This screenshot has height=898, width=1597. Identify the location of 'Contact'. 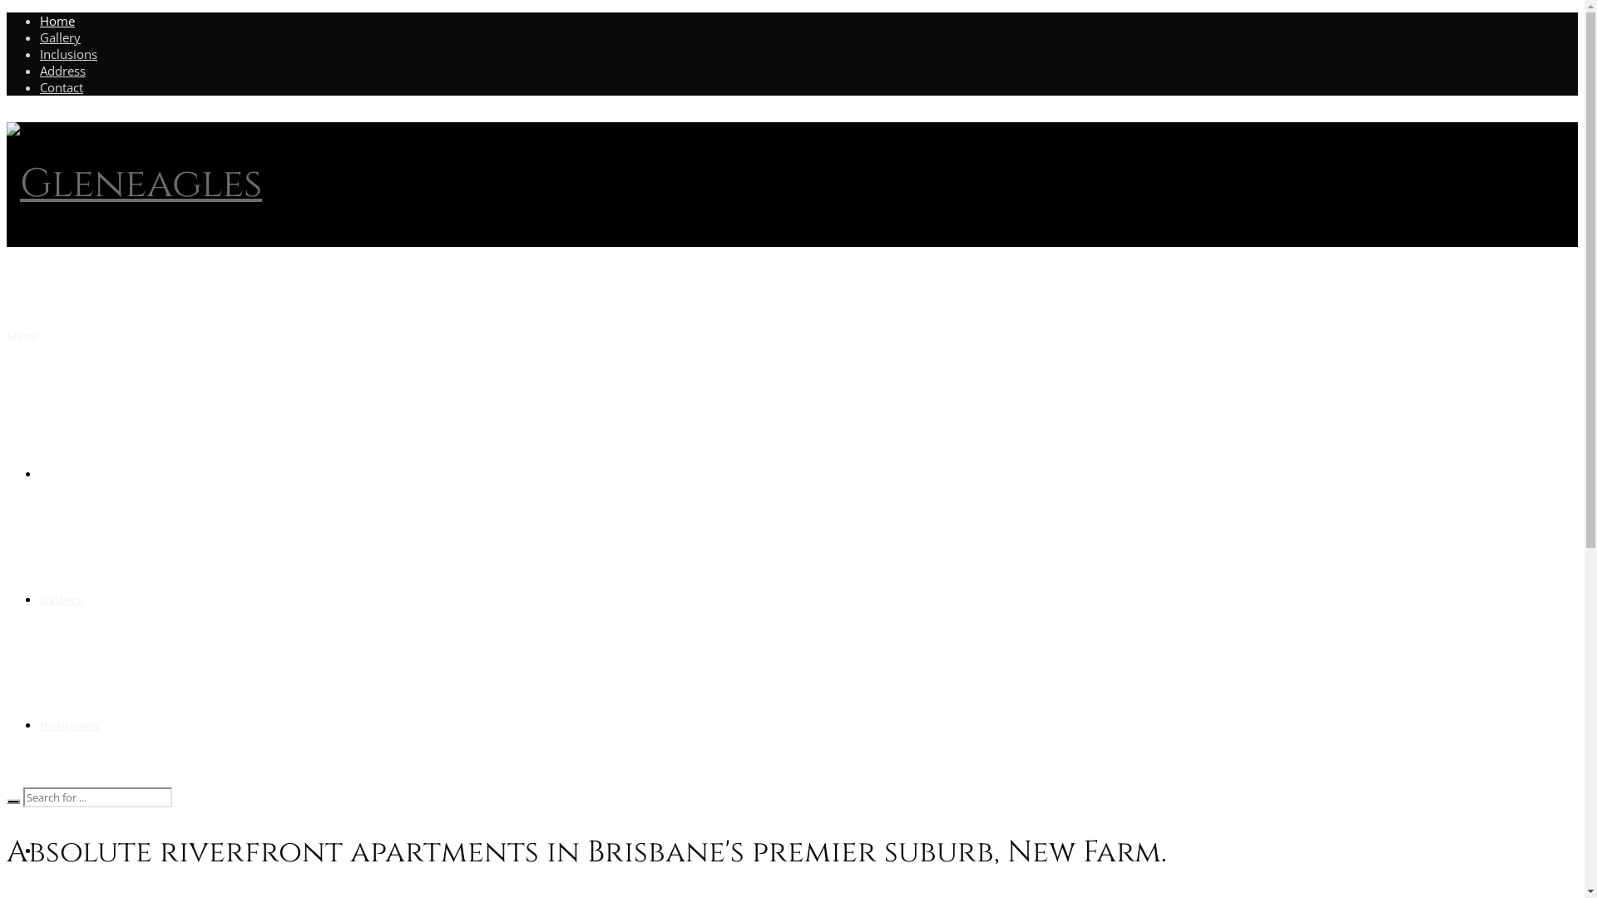
(40, 86).